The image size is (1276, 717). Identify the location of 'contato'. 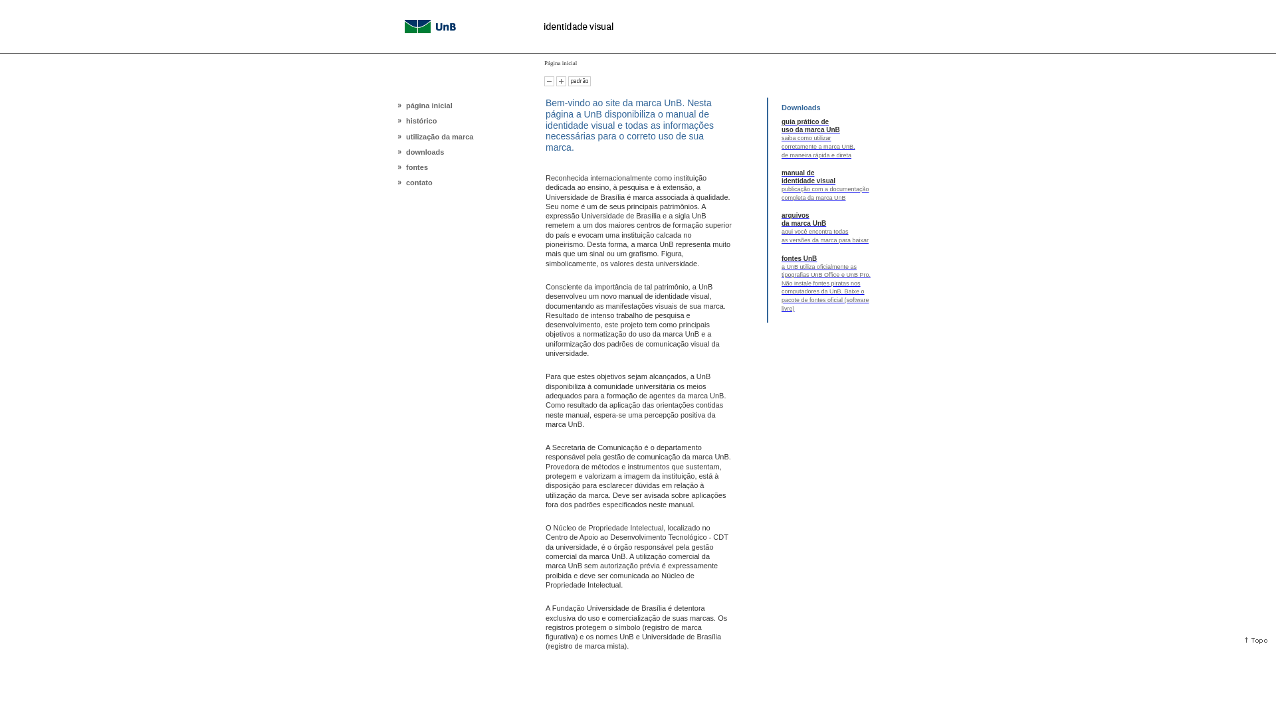
(394, 181).